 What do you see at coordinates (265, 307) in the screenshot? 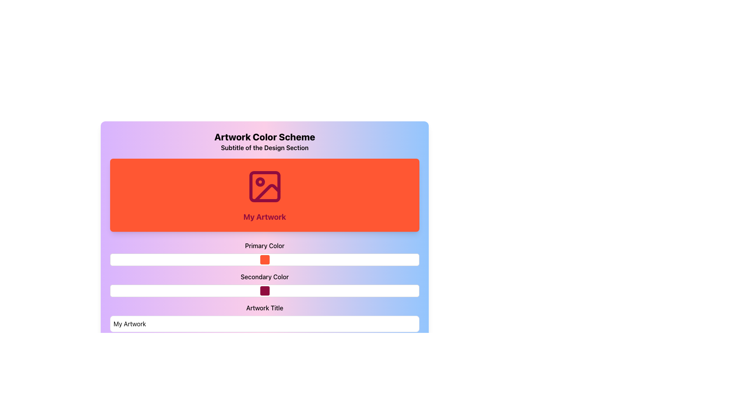
I see `label displaying 'Artwork Title' which is prominently positioned above the input field labeled 'My Artwork'` at bounding box center [265, 307].